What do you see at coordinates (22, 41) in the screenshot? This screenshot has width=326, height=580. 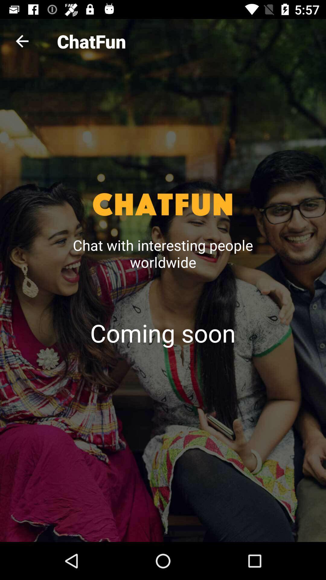 I see `go back` at bounding box center [22, 41].